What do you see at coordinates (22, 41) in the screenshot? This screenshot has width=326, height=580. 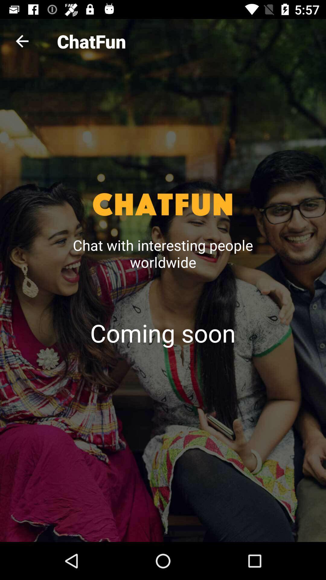 I see `go back` at bounding box center [22, 41].